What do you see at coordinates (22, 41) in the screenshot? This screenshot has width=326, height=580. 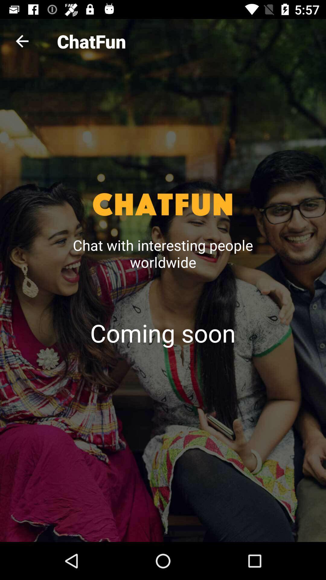 I see `go back` at bounding box center [22, 41].